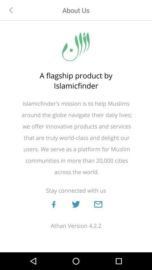  What do you see at coordinates (11, 10) in the screenshot?
I see `the item above the a flagship product` at bounding box center [11, 10].